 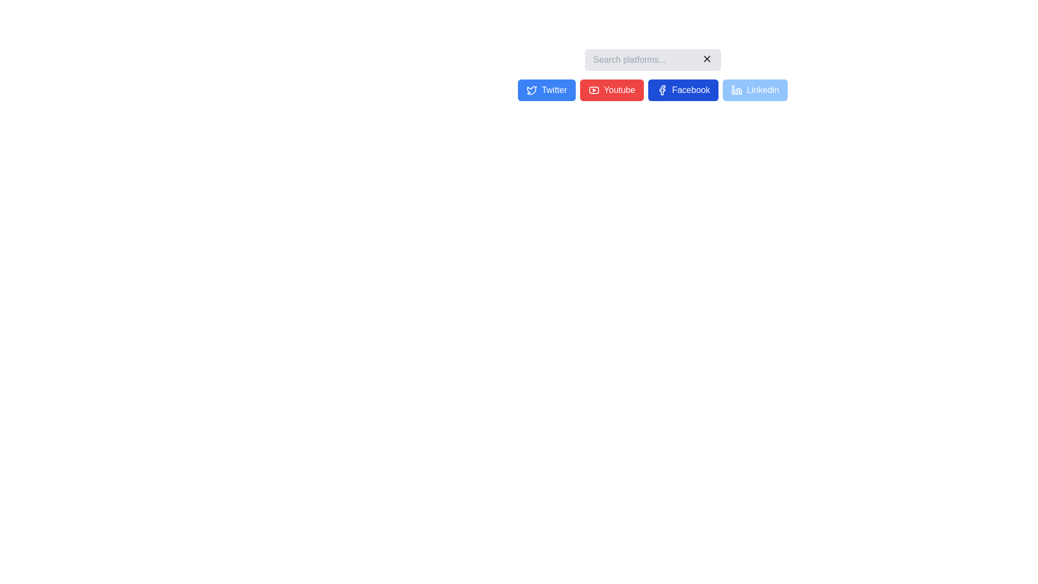 What do you see at coordinates (736, 89) in the screenshot?
I see `the LinkedIn icon, which is a clickable component contained within a rounded button labeled 'Linkedin' located in the upper-right section of the interface` at bounding box center [736, 89].